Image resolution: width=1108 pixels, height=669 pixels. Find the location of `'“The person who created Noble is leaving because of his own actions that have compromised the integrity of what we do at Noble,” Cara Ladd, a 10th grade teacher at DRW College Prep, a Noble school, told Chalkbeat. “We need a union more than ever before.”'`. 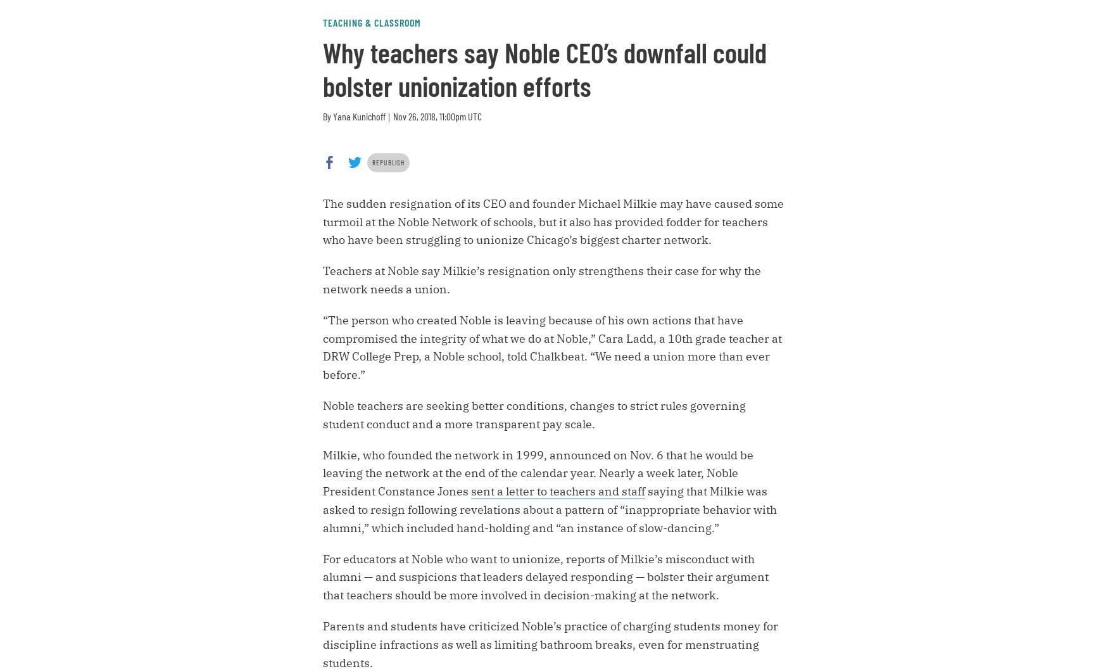

'“The person who created Noble is leaving because of his own actions that have compromised the integrity of what we do at Noble,” Cara Ladd, a 10th grade teacher at DRW College Prep, a Noble school, told Chalkbeat. “We need a union more than ever before.”' is located at coordinates (552, 347).